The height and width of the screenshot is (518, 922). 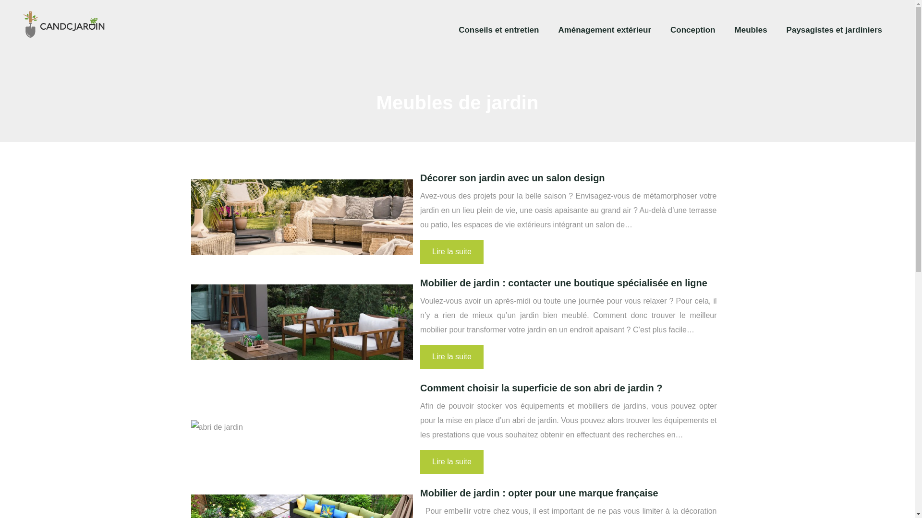 I want to click on 'Conseils et entretien', so click(x=498, y=29).